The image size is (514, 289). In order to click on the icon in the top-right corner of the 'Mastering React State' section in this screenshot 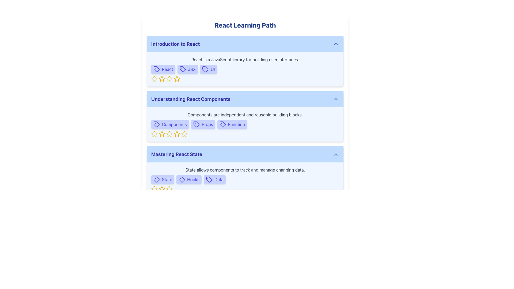, I will do `click(335, 154)`.